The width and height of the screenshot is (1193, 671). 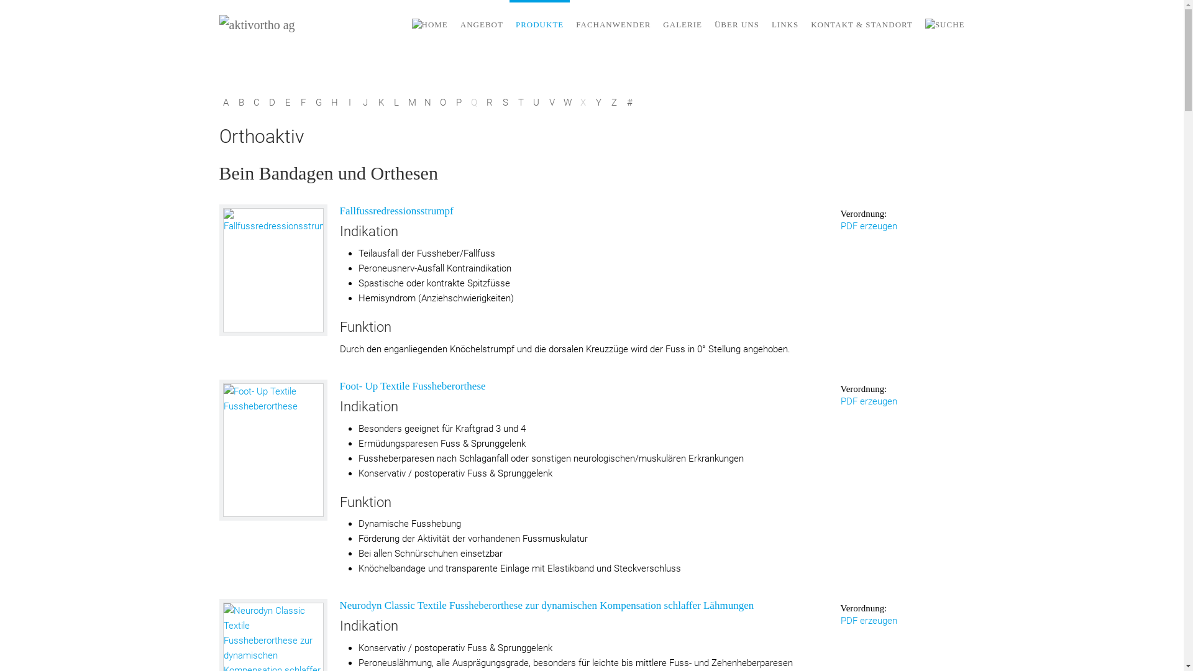 I want to click on 'B', so click(x=241, y=102).